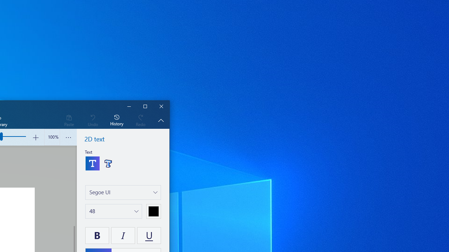  Describe the element at coordinates (35, 137) in the screenshot. I see `'Zoom in'` at that location.